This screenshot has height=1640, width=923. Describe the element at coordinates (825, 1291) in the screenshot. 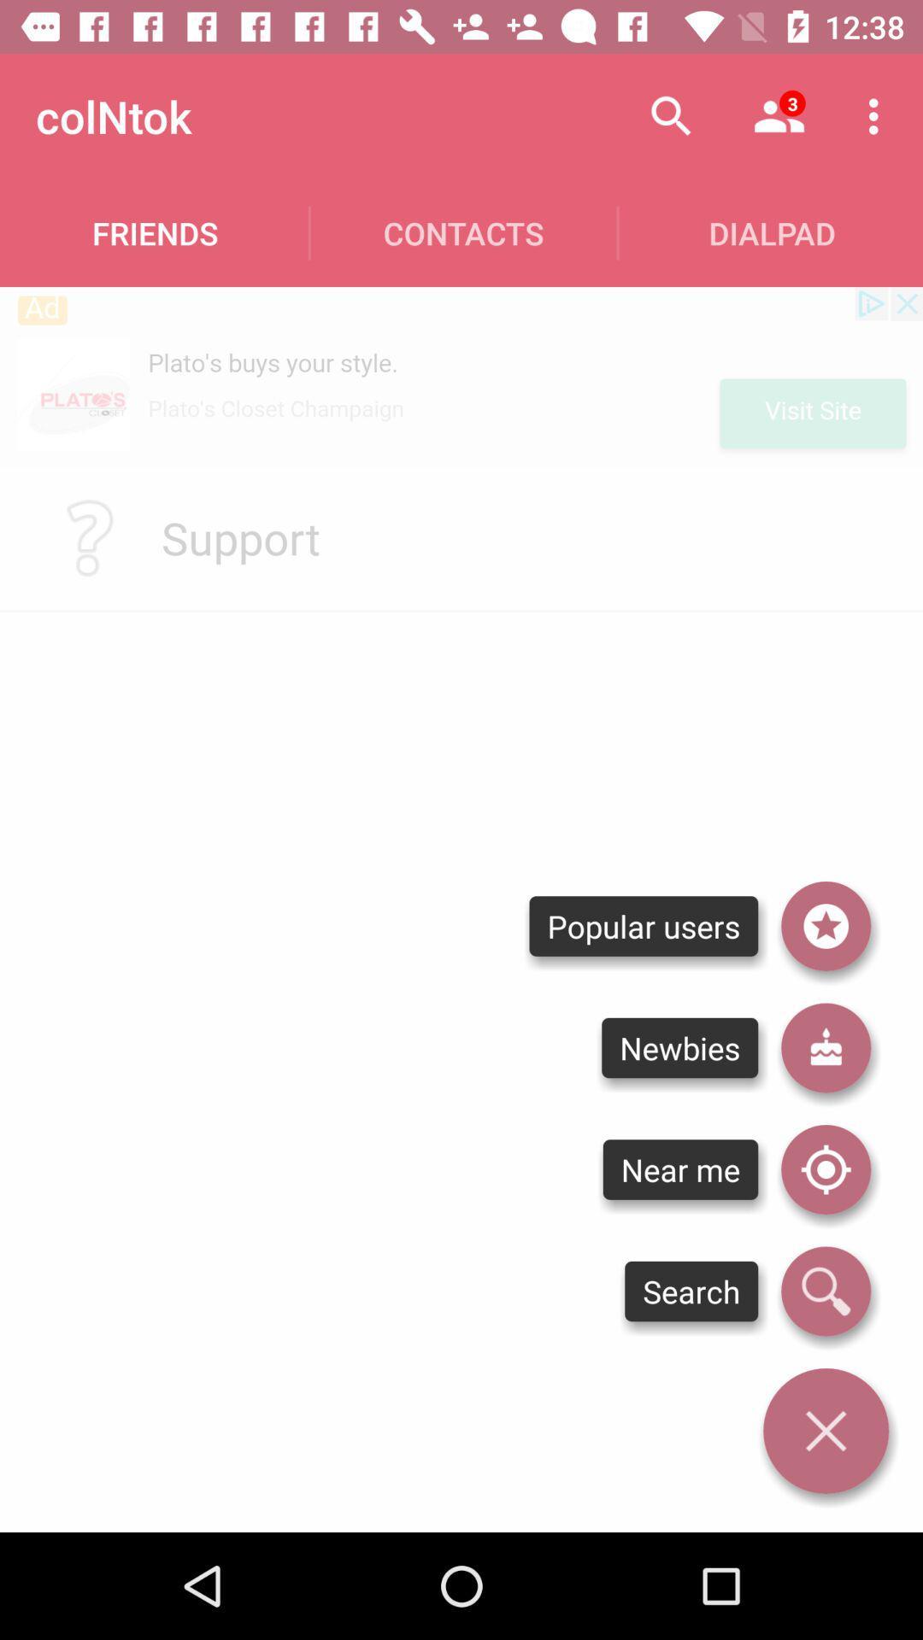

I see `icon next to the near me` at that location.